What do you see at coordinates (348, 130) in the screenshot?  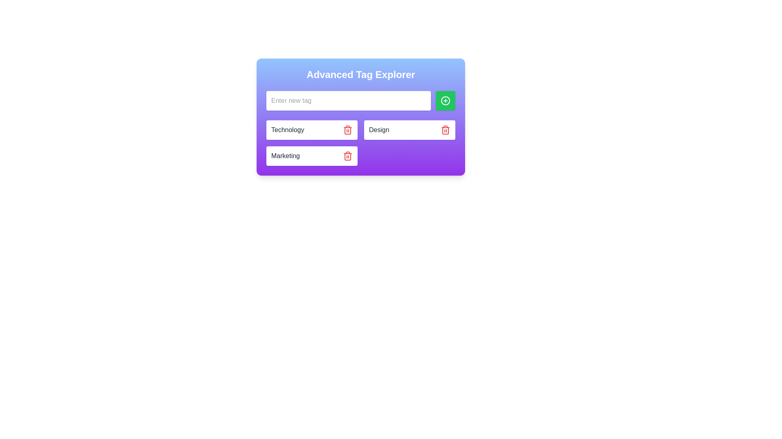 I see `the prominent red-colored trash icon resembling a delete button` at bounding box center [348, 130].